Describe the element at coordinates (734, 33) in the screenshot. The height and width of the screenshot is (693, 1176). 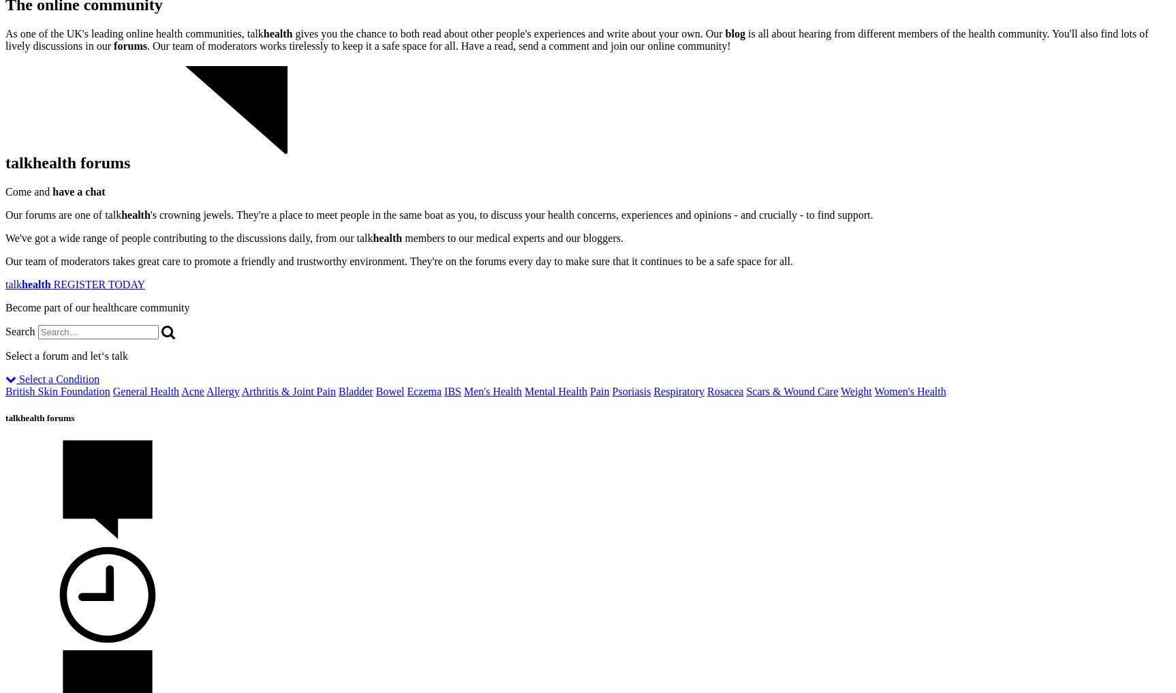
I see `'blog'` at that location.